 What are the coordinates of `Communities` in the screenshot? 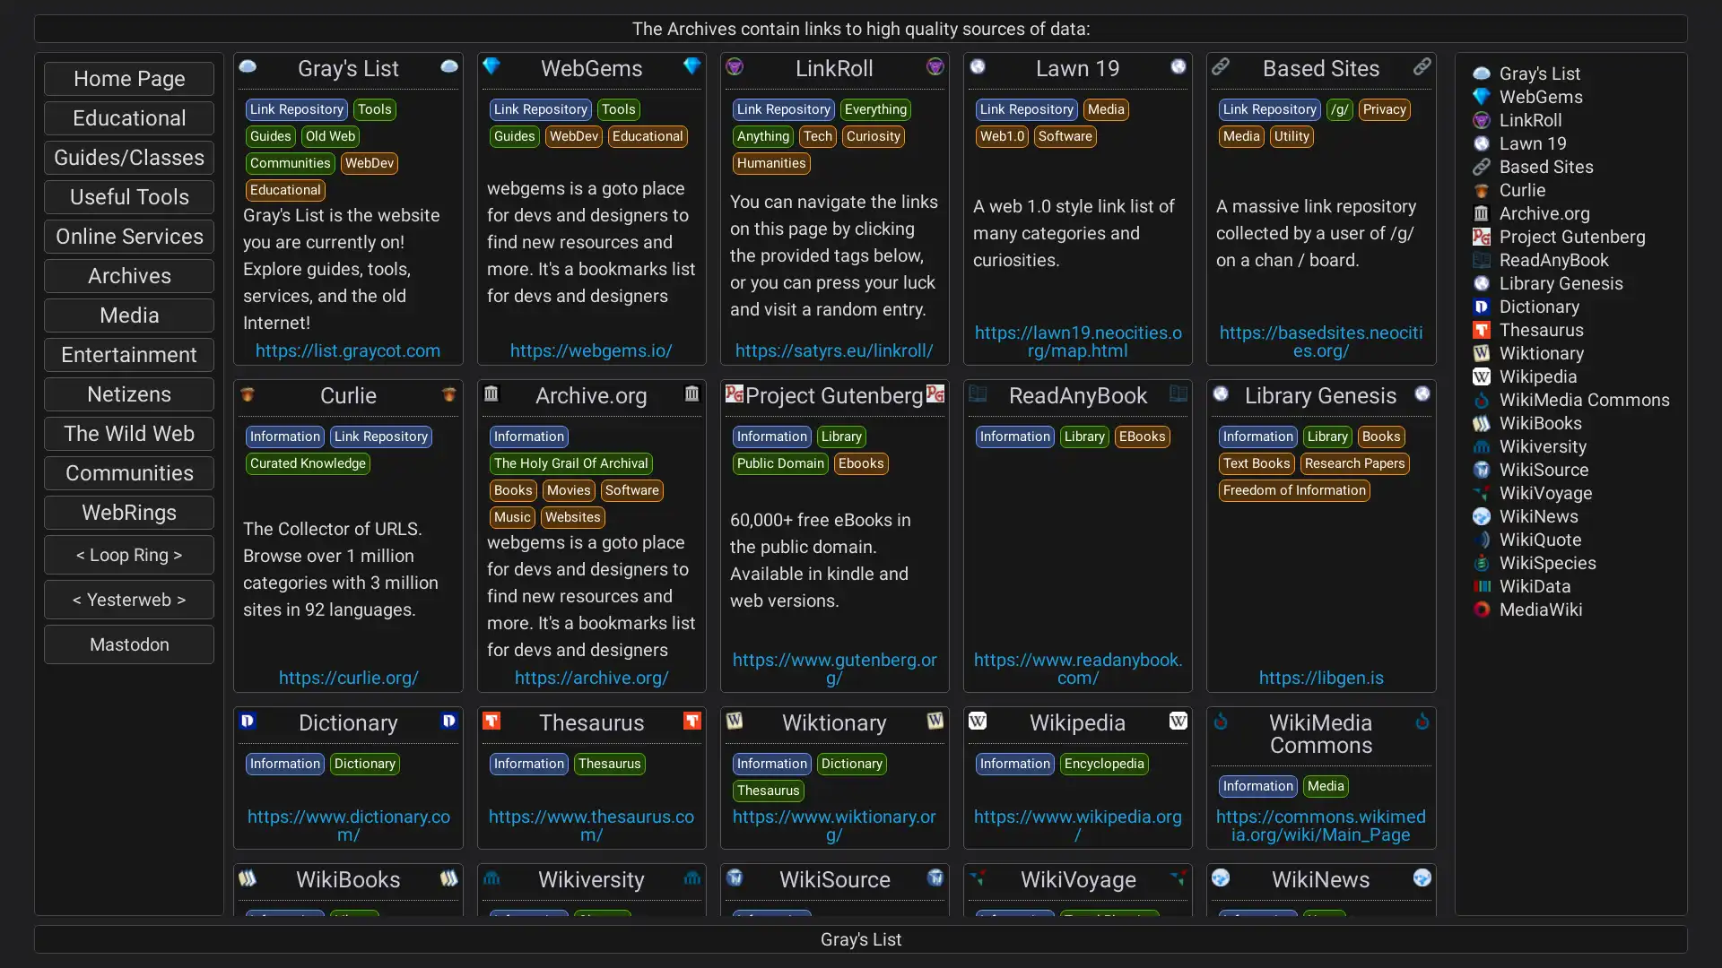 It's located at (128, 472).